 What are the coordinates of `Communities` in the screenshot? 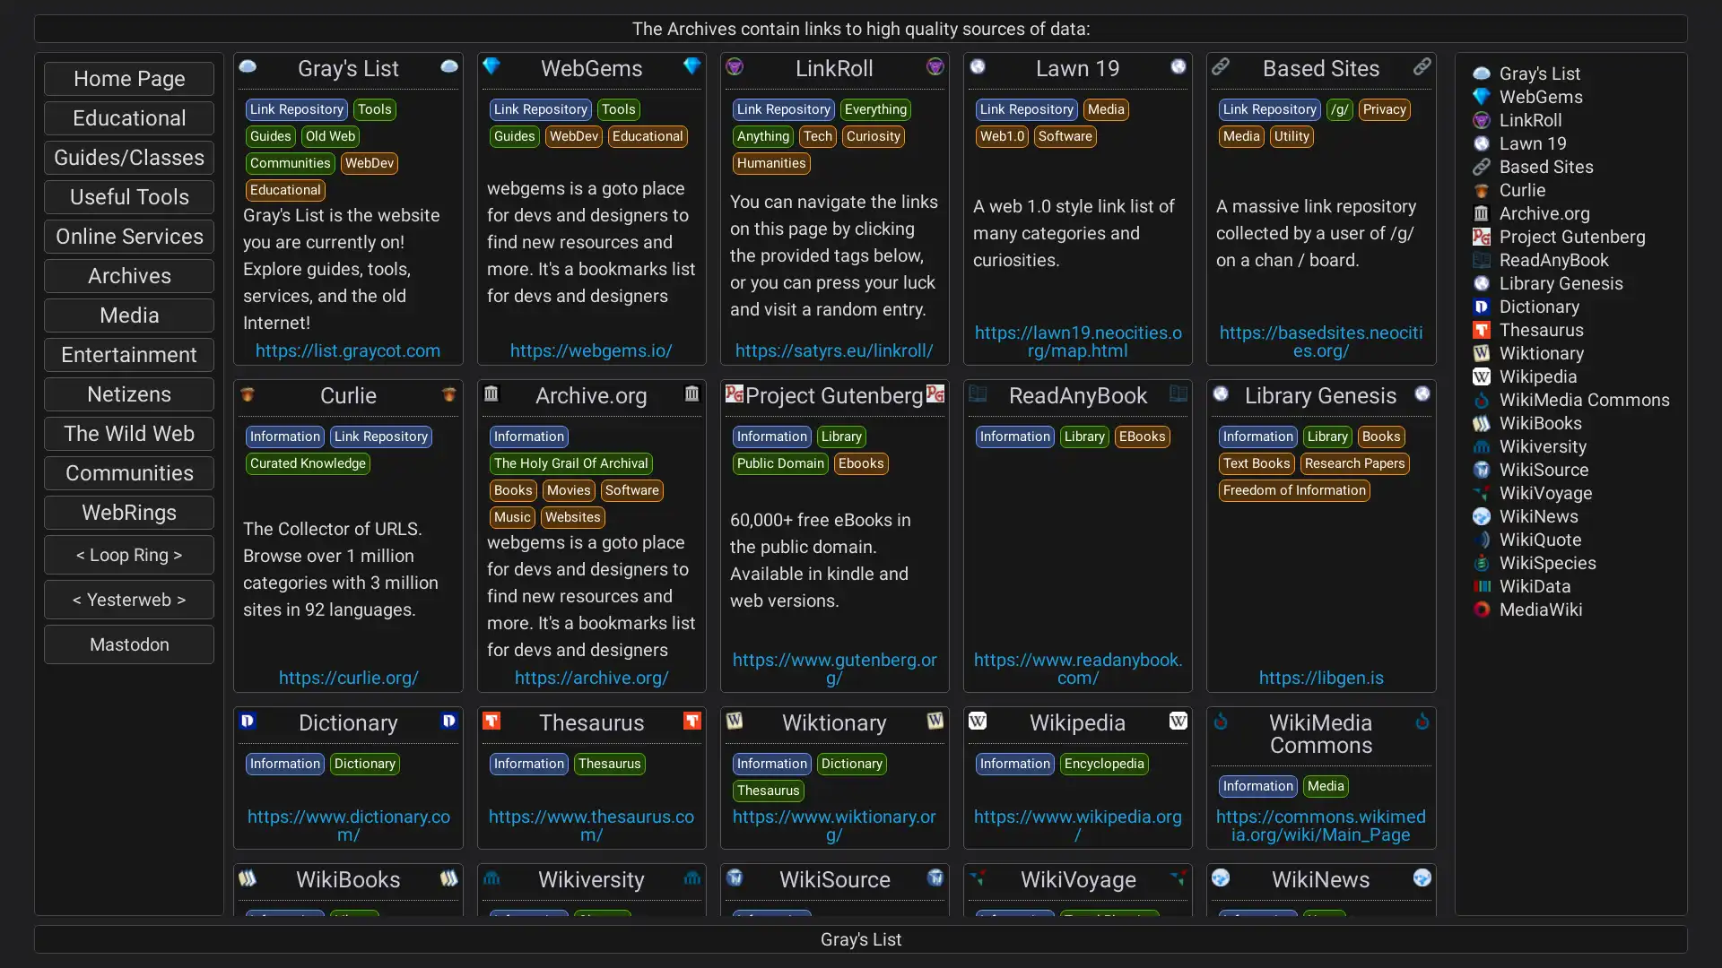 It's located at (128, 472).